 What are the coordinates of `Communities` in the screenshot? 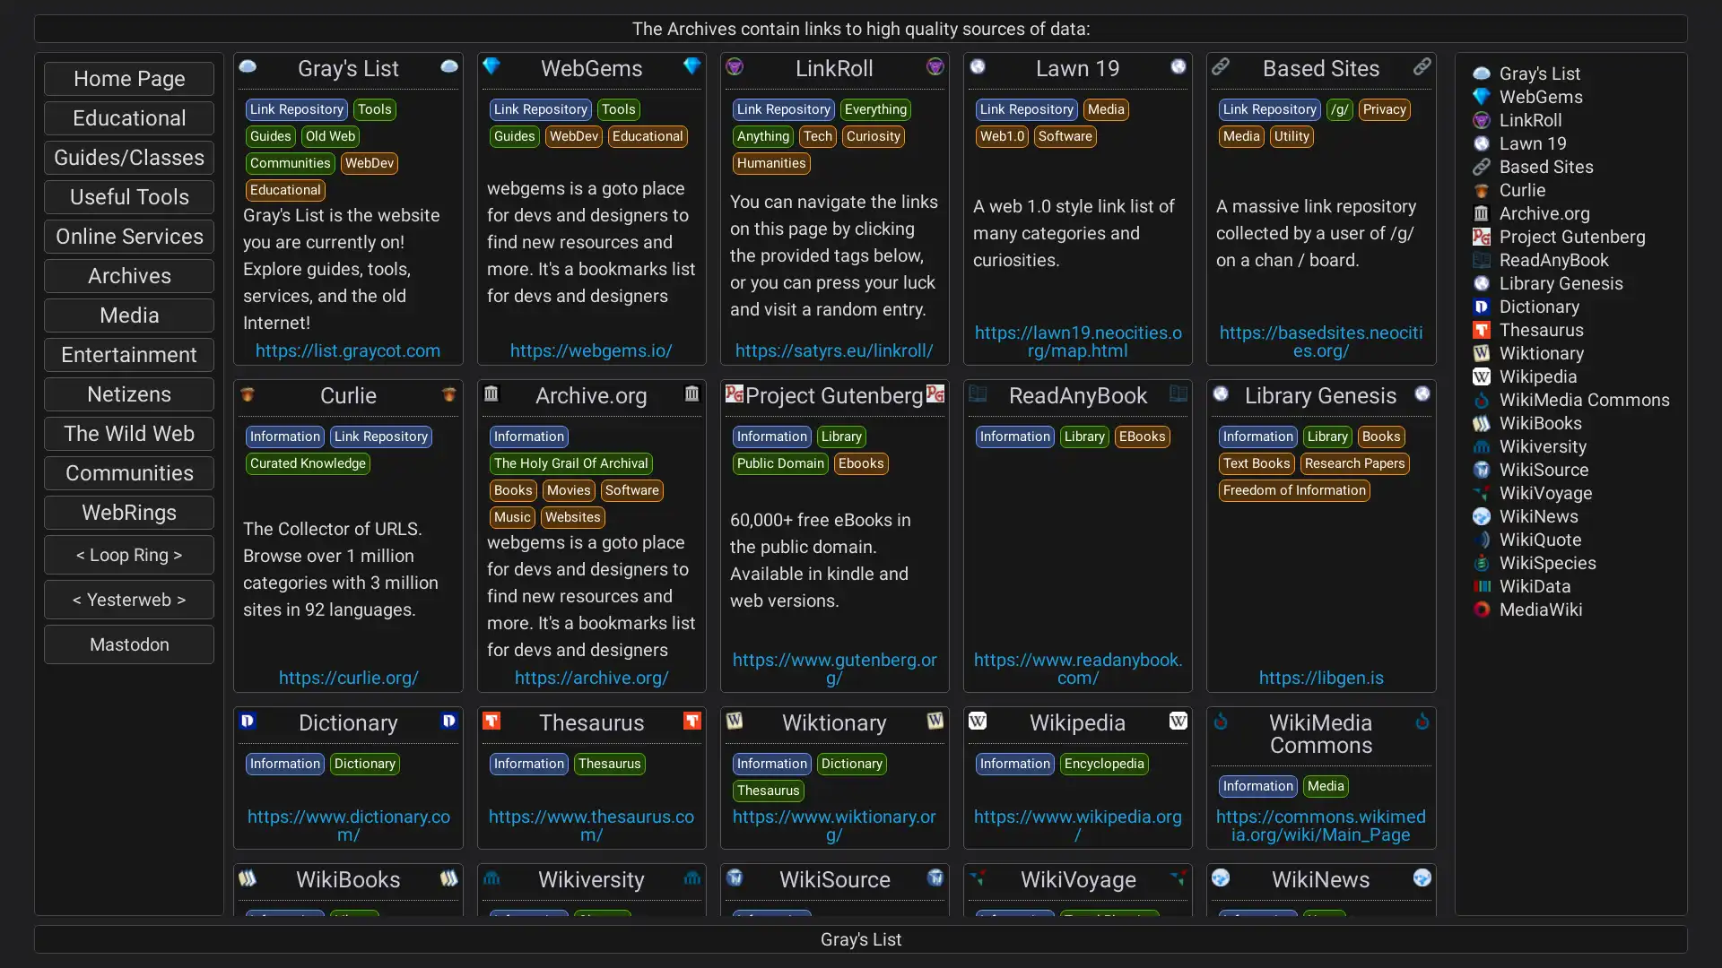 It's located at (128, 472).